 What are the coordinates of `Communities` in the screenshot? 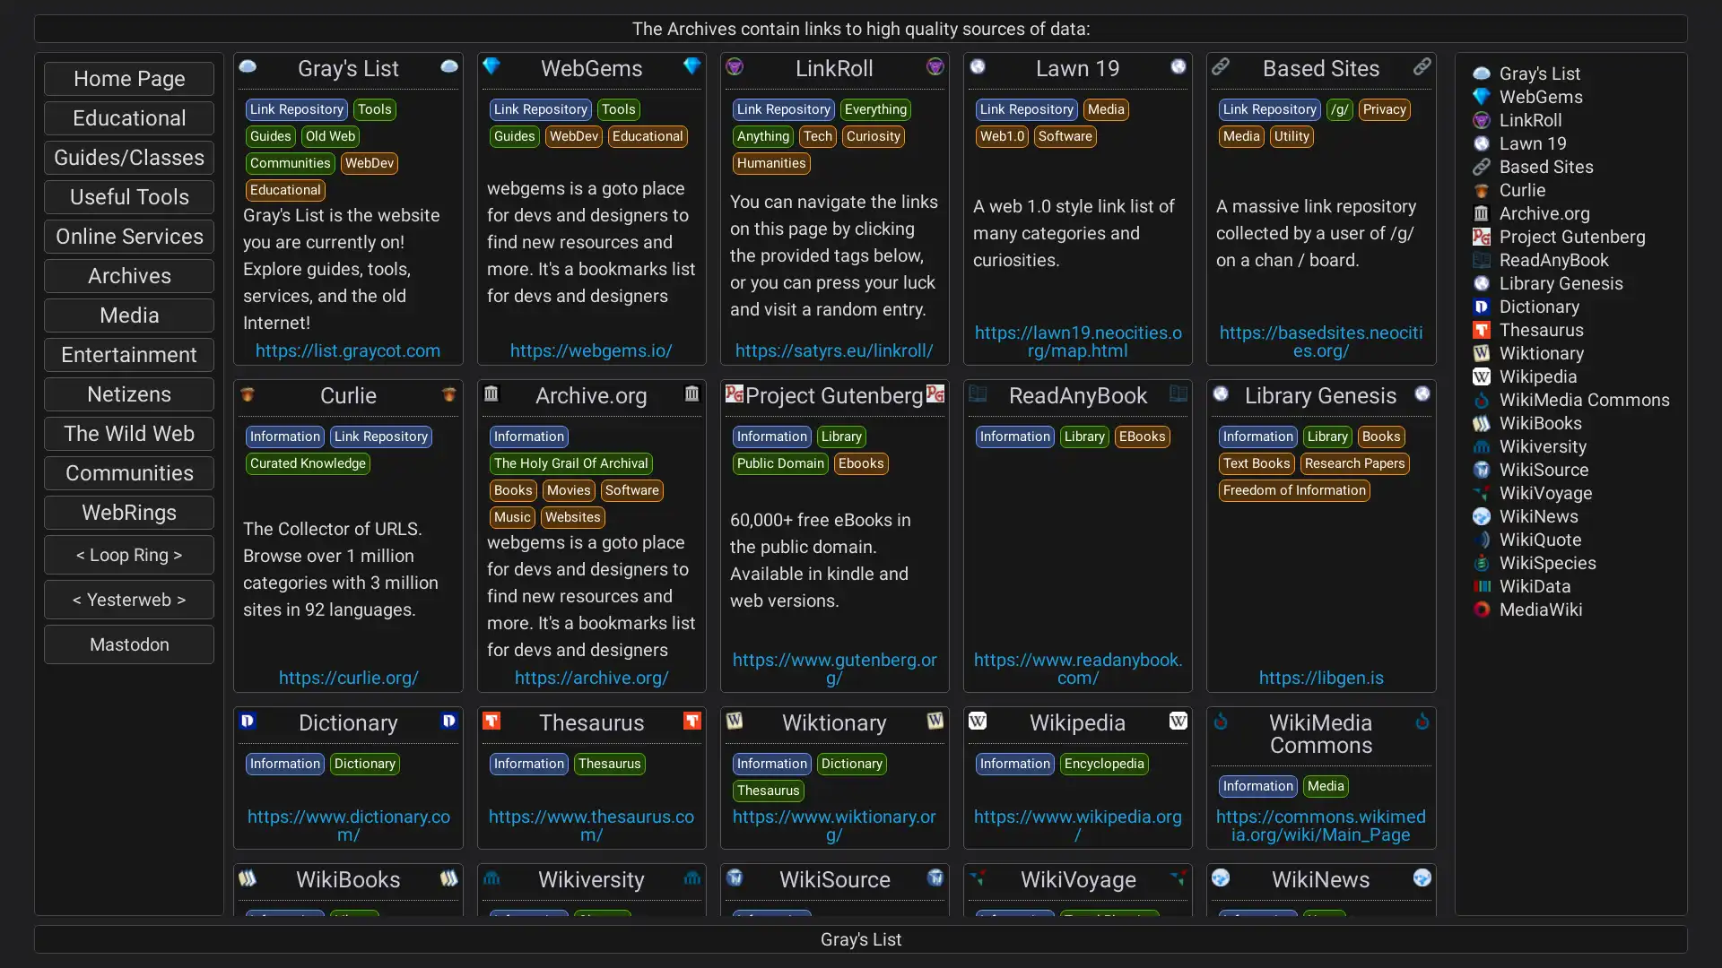 It's located at (128, 472).